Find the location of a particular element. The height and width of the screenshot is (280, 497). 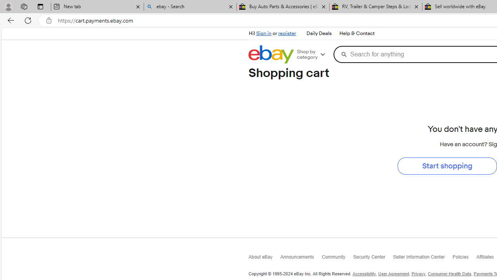

'Seller Information Center' is located at coordinates (422, 259).